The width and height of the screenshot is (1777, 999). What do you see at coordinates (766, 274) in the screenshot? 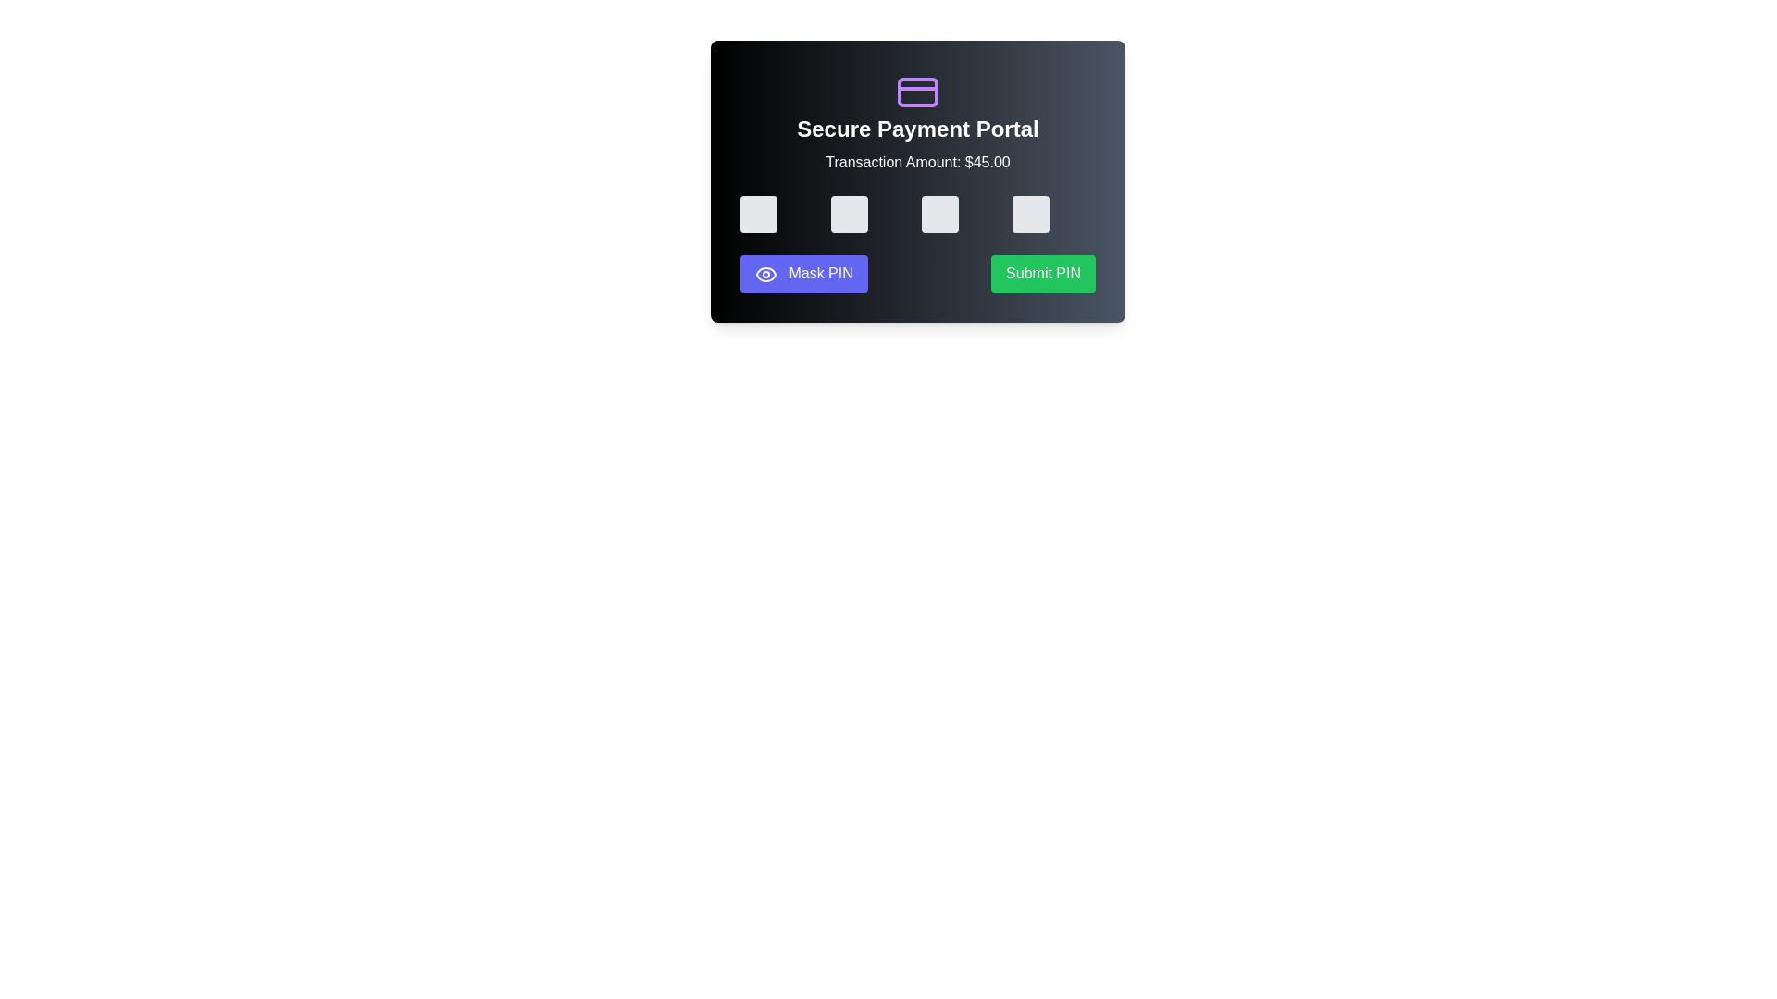
I see `the eye icon graphical representation in the Secure Payment Portal for visual feedback` at bounding box center [766, 274].